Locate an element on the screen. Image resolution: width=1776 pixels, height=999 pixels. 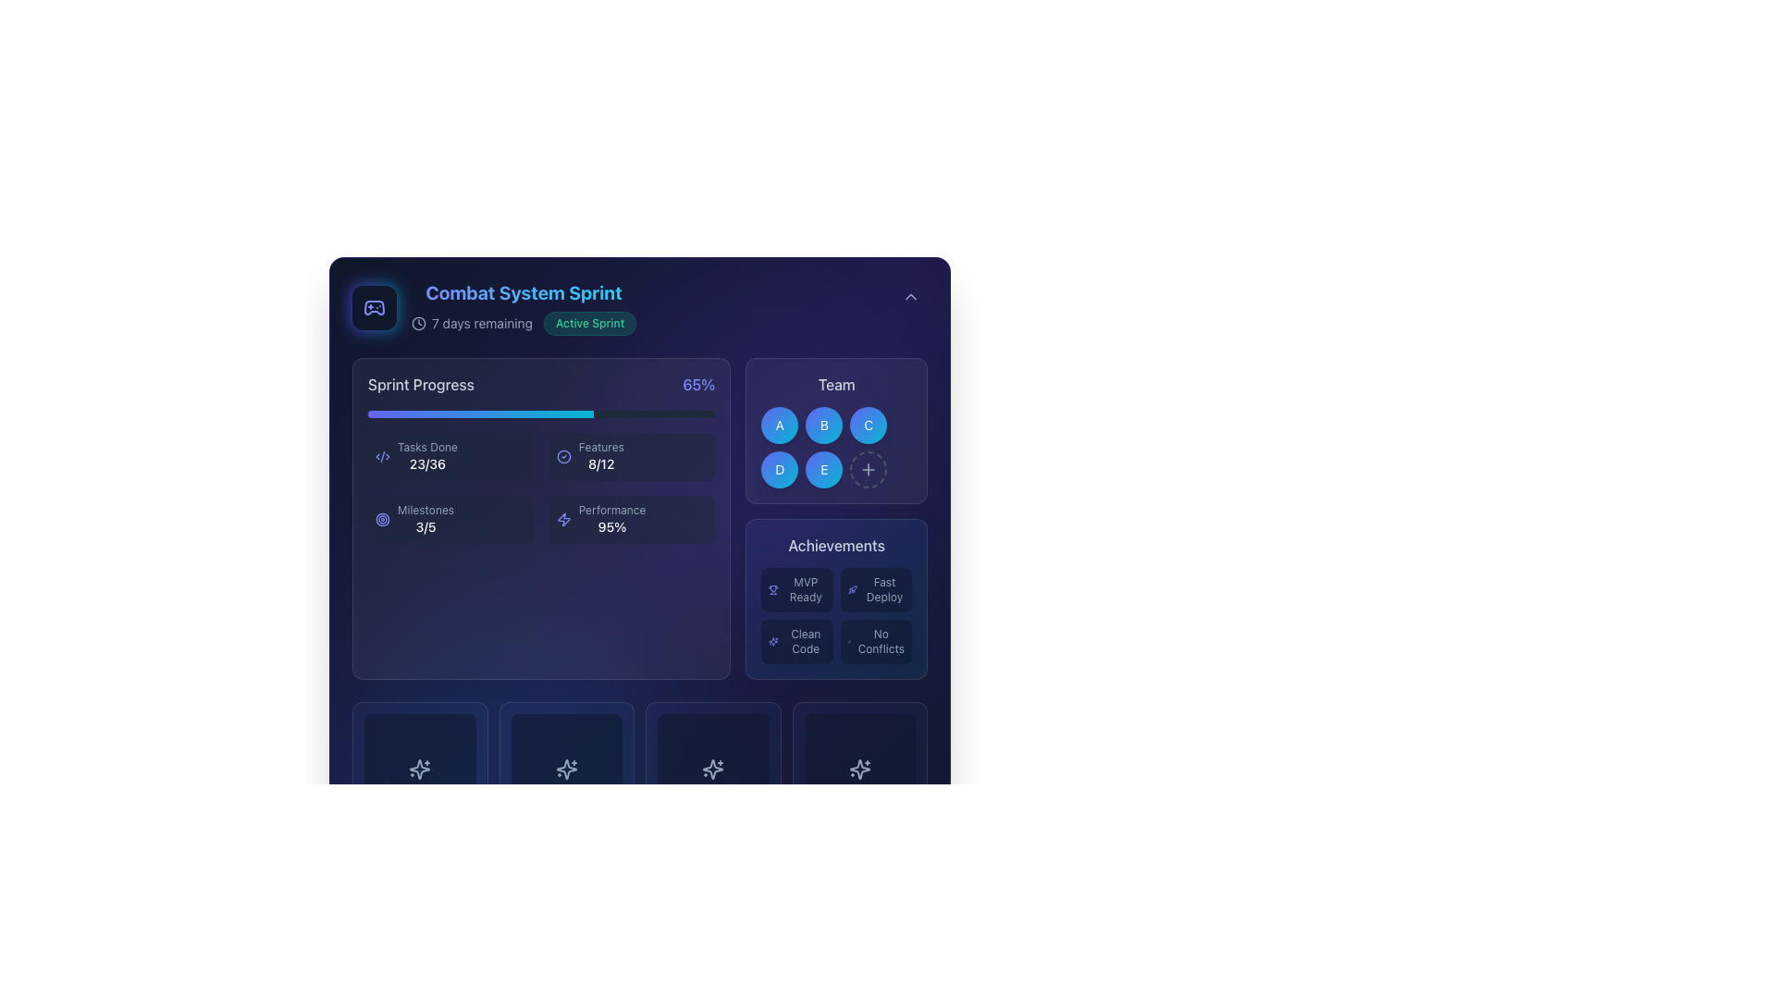
the Informational section header that displays sprint details including the sprint name, remaining days, and current status is located at coordinates (494, 306).